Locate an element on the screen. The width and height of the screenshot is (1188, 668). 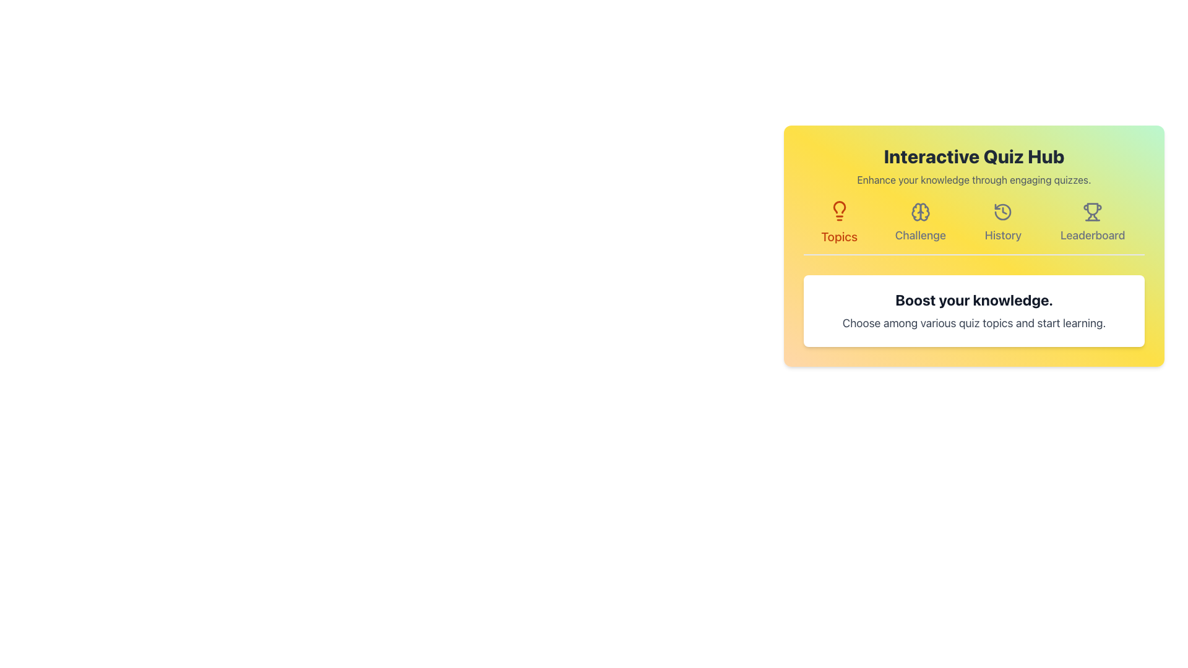
each segment of the Navigation bar located below the 'Interactive Quiz Hub' title to trigger the visual effect is located at coordinates (973, 229).